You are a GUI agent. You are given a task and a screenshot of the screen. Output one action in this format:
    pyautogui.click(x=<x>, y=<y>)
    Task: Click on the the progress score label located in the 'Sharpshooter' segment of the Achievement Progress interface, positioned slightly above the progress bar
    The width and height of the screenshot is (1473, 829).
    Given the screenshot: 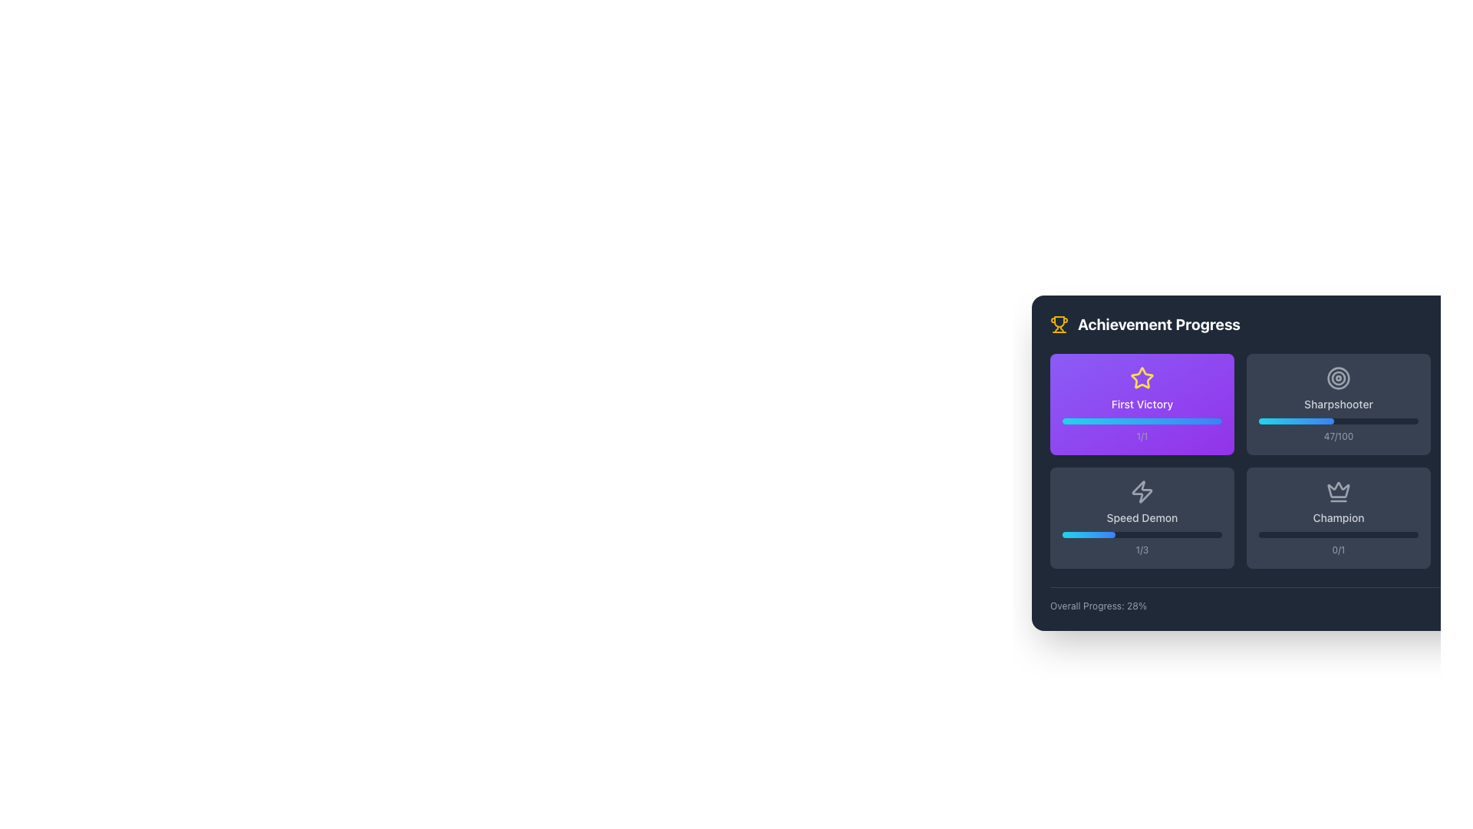 What is the action you would take?
    pyautogui.click(x=1337, y=437)
    